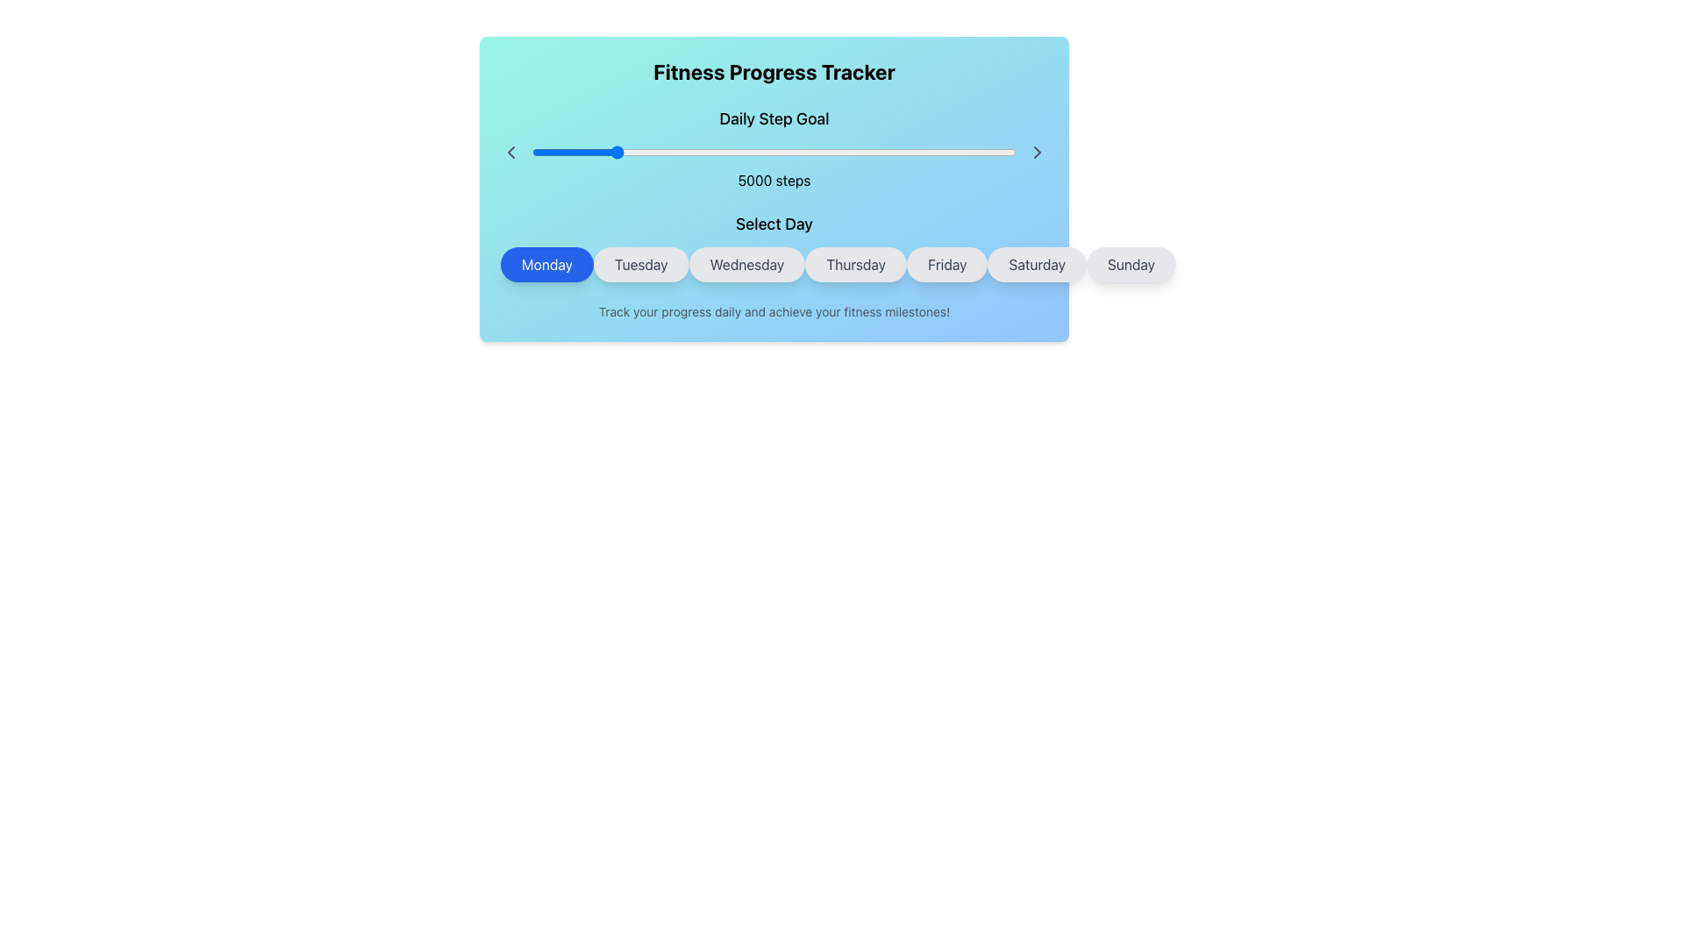 Image resolution: width=1684 pixels, height=947 pixels. What do you see at coordinates (764, 151) in the screenshot?
I see `the step goal` at bounding box center [764, 151].